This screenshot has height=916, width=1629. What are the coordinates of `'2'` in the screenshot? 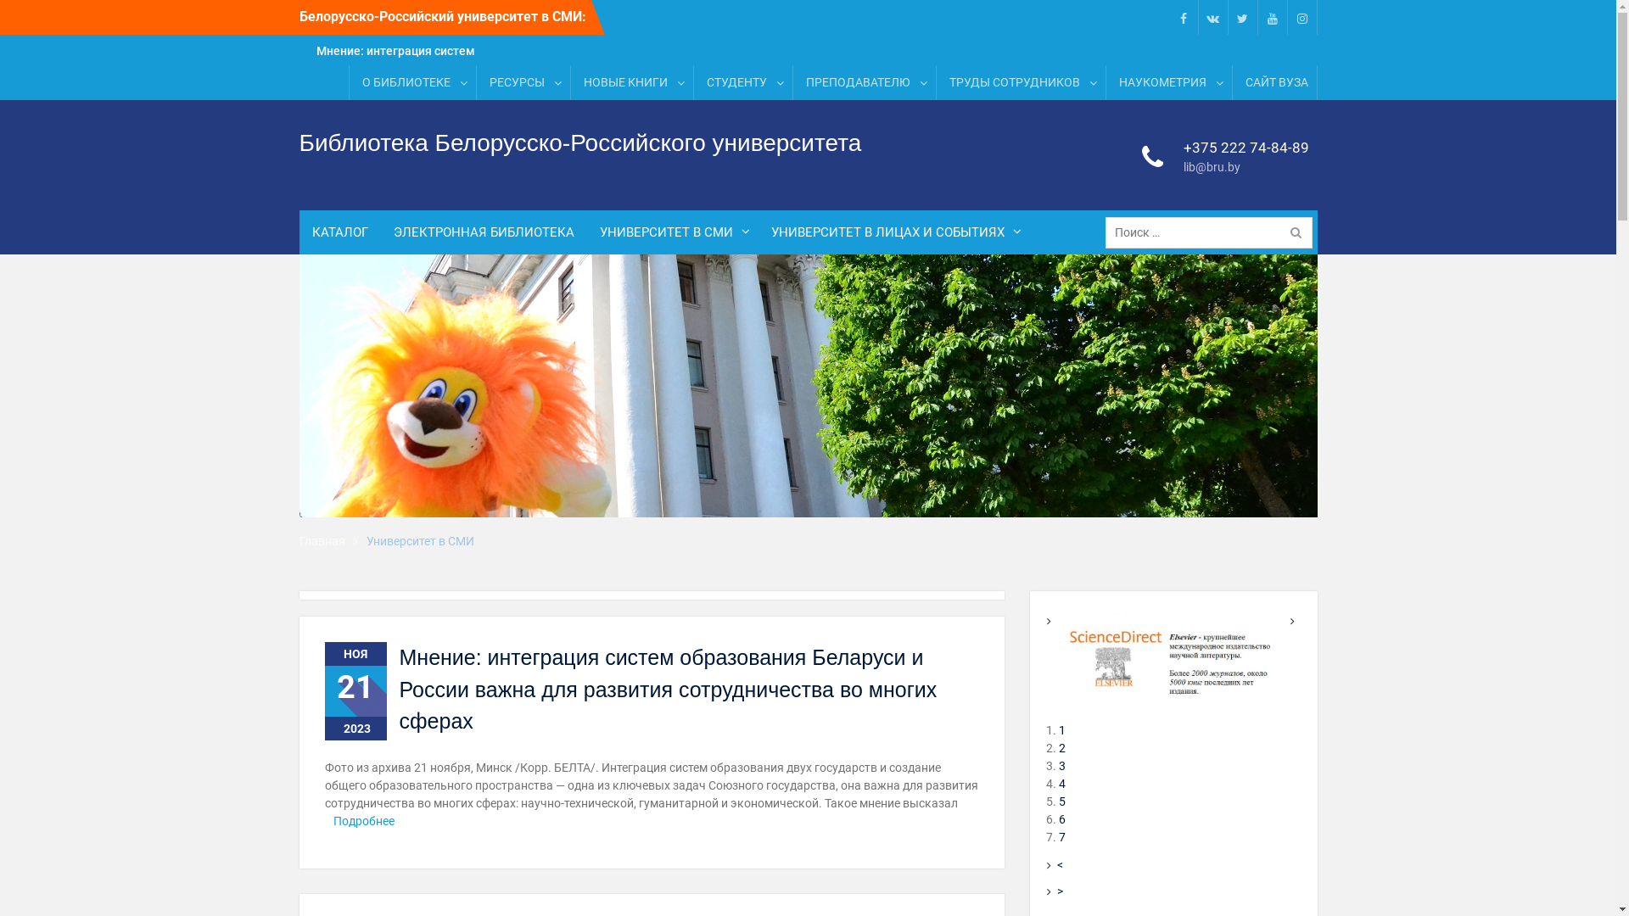 It's located at (1058, 747).